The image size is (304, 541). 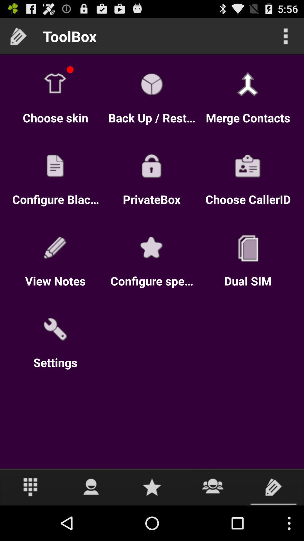 What do you see at coordinates (285, 36) in the screenshot?
I see `more details` at bounding box center [285, 36].